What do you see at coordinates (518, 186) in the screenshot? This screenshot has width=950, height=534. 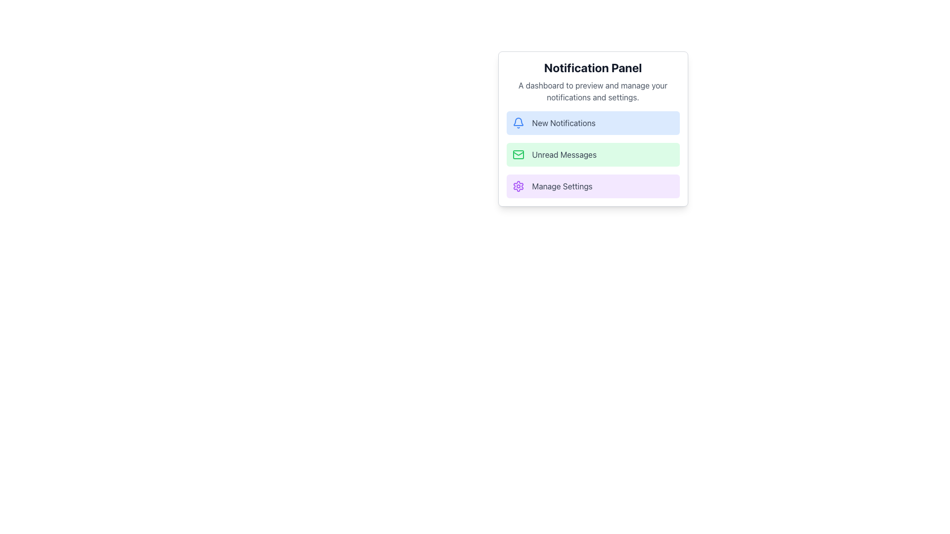 I see `the 'Manage Settings' icon located to the left of the 'Manage Settings' label in the Notification Panel` at bounding box center [518, 186].